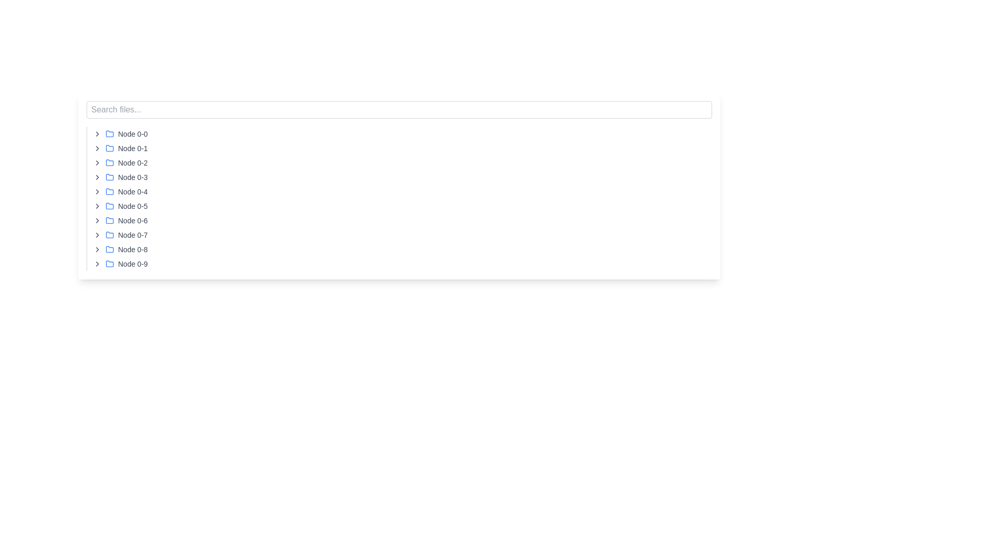 This screenshot has width=990, height=557. Describe the element at coordinates (97, 191) in the screenshot. I see `the Chevron Icon located in the leftmost part of the row labeled 'Node 0-4'` at that location.